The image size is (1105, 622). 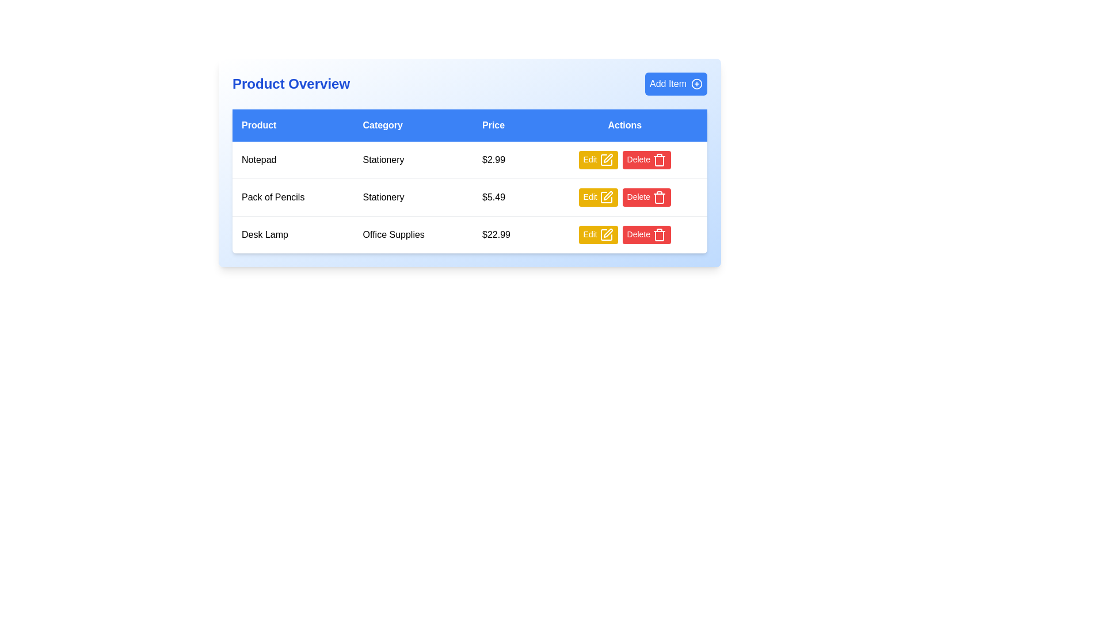 What do you see at coordinates (605, 234) in the screenshot?
I see `the pen icon inside the 'Edit' button located in the 'Actions' column of the last row of the displayed table` at bounding box center [605, 234].